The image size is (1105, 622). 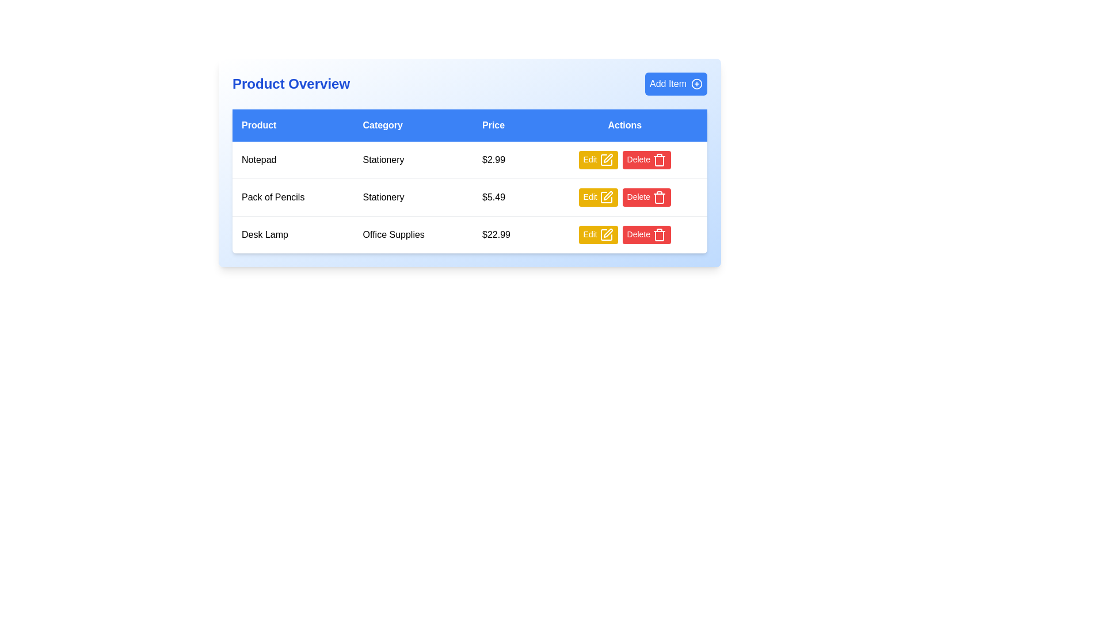 What do you see at coordinates (605, 234) in the screenshot?
I see `the pen icon inside the 'Edit' button located in the 'Actions' column of the last row of the displayed table` at bounding box center [605, 234].